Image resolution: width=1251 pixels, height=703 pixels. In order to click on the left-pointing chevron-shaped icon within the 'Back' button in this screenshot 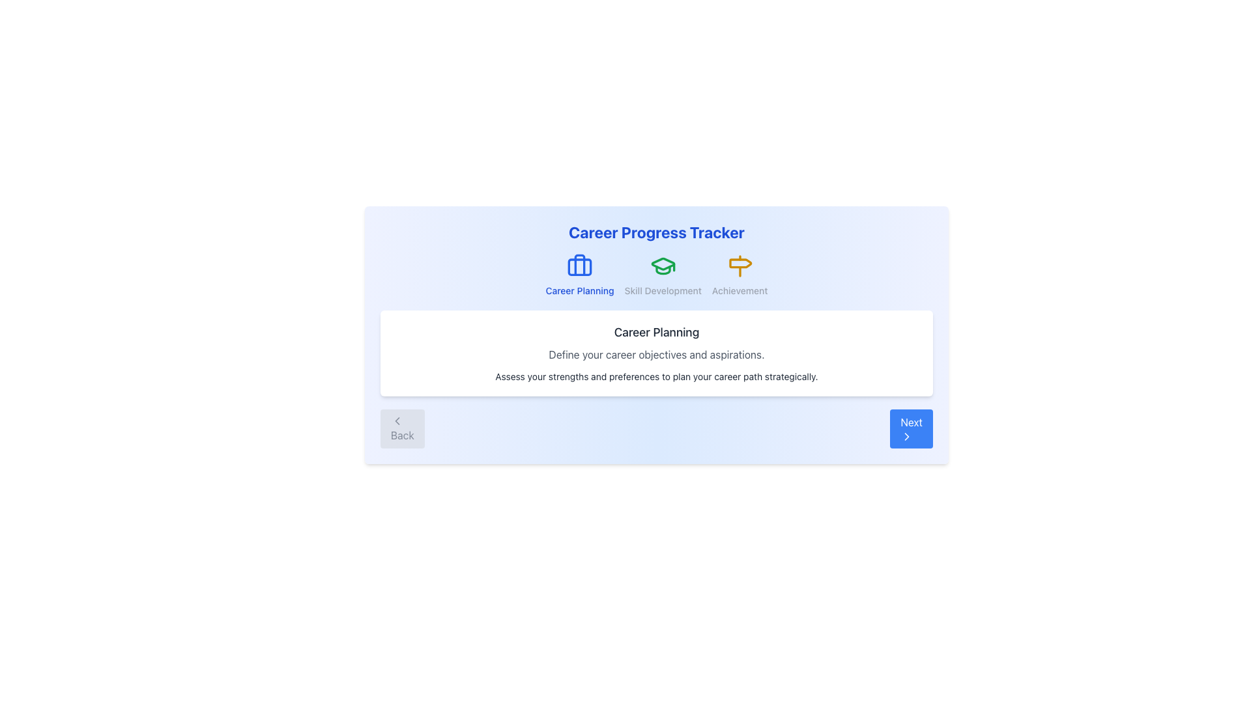, I will do `click(396, 421)`.